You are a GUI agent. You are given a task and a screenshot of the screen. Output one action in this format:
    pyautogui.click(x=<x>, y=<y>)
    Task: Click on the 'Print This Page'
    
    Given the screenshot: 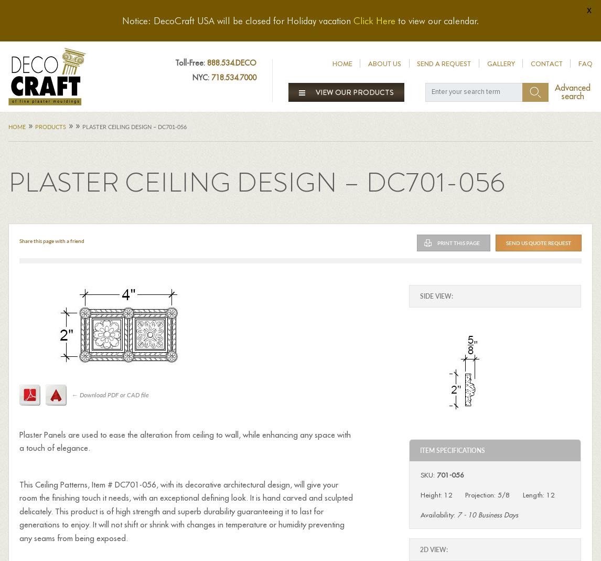 What is the action you would take?
    pyautogui.click(x=458, y=242)
    